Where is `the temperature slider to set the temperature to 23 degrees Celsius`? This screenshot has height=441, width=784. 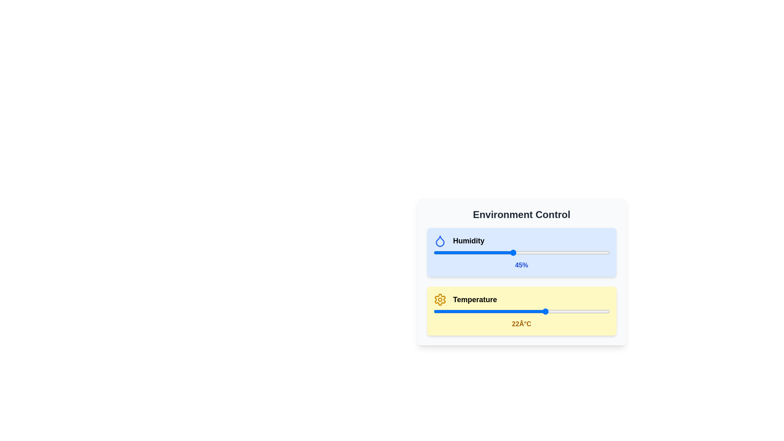 the temperature slider to set the temperature to 23 degrees Celsius is located at coordinates (550, 312).